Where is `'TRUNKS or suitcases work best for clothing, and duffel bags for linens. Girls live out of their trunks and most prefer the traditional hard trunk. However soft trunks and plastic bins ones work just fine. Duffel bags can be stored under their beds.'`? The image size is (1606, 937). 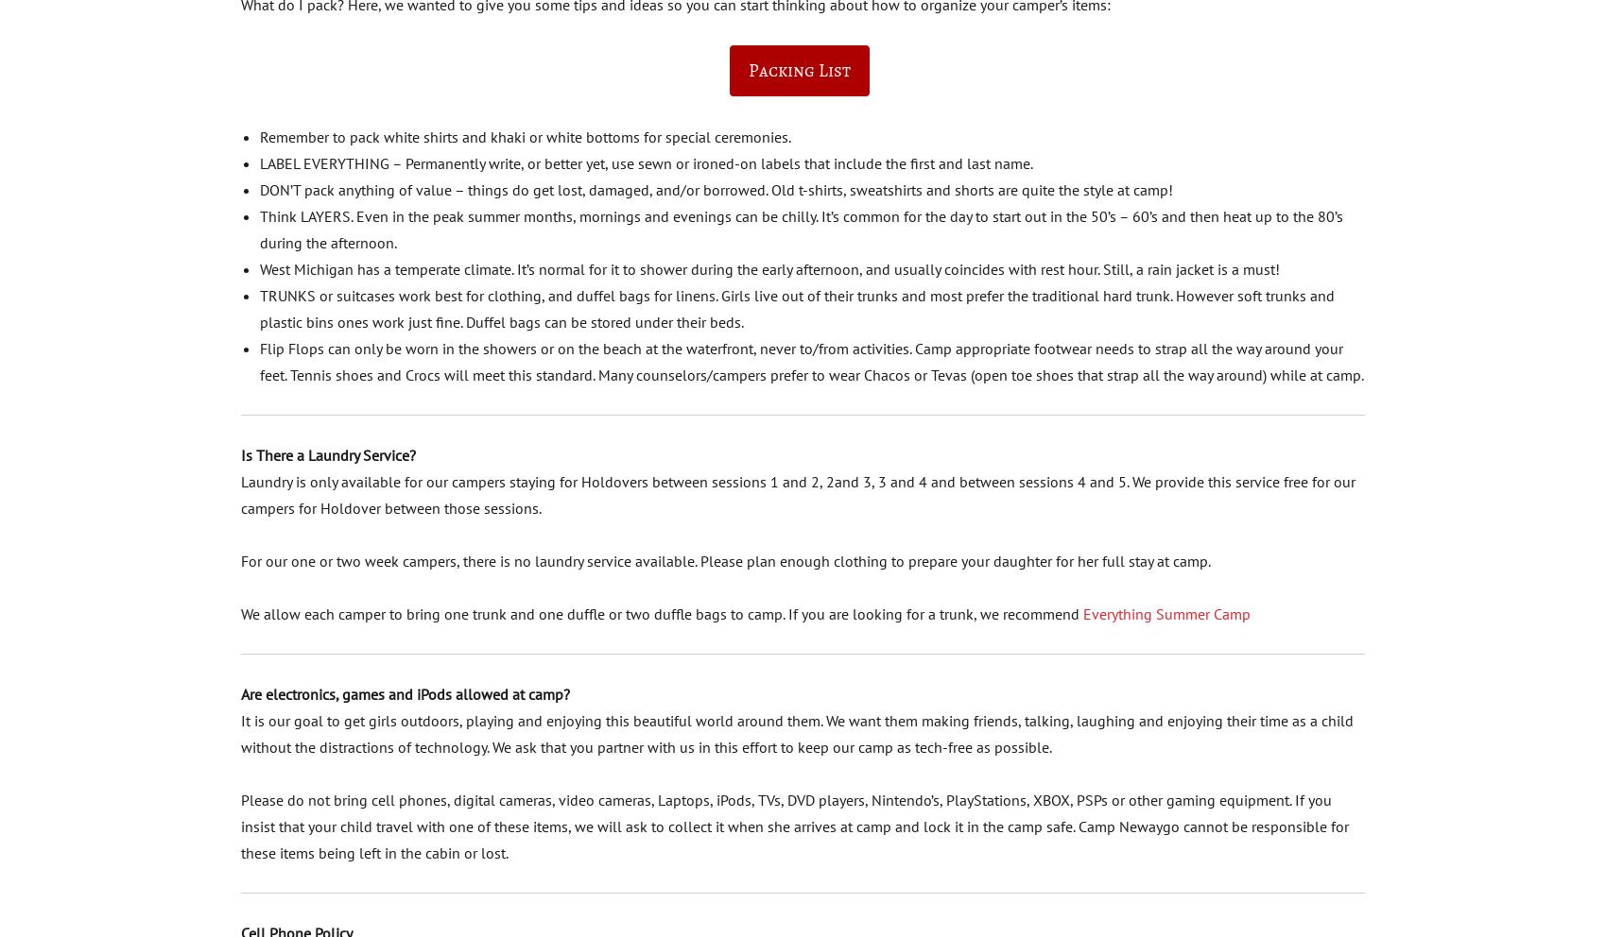
'TRUNKS or suitcases work best for clothing, and duffel bags for linens. Girls live out of their trunks and most prefer the traditional hard trunk. However soft trunks and plastic bins ones work just fine. Duffel bags can be stored under their beds.' is located at coordinates (259, 307).